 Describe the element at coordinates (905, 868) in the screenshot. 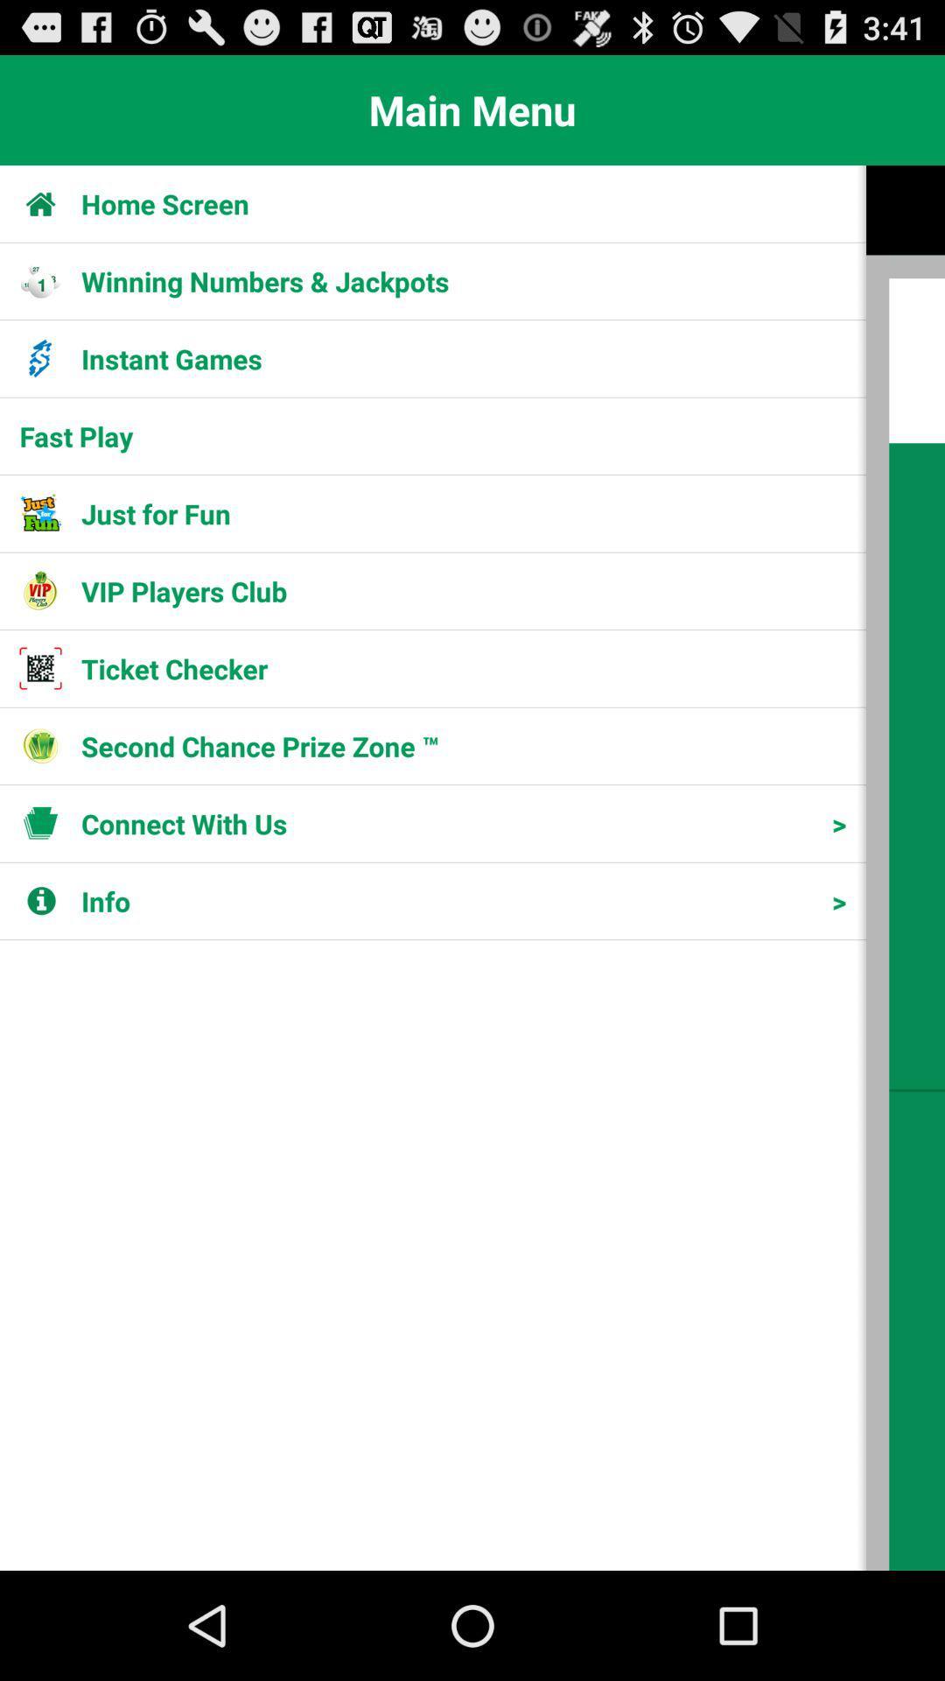

I see `return to previous page` at that location.